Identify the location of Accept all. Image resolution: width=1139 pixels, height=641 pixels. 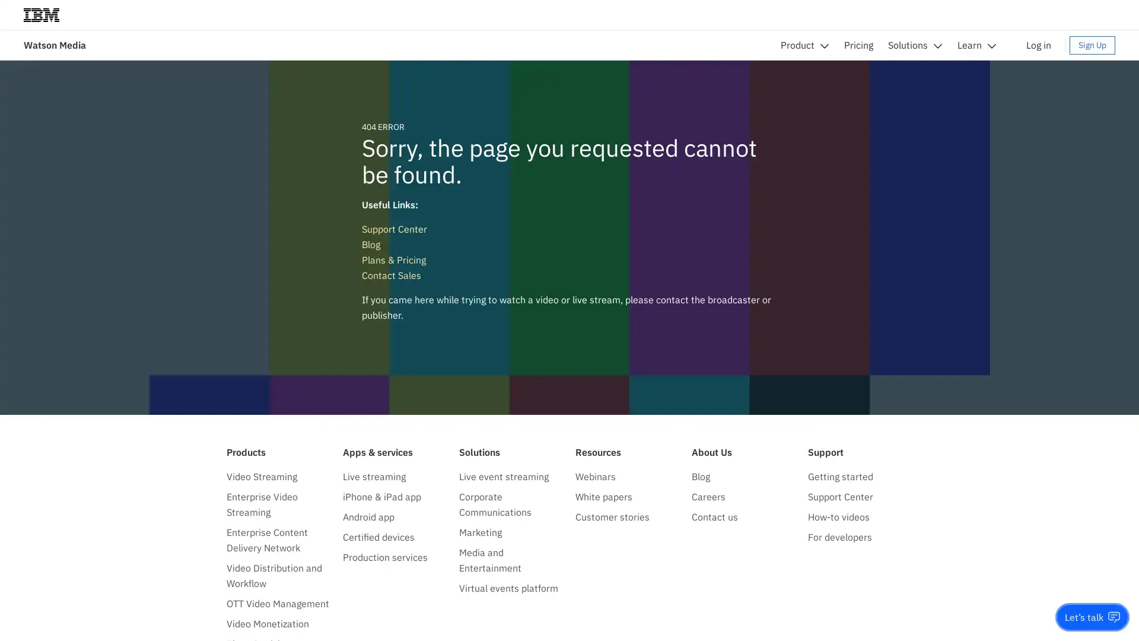
(1043, 559).